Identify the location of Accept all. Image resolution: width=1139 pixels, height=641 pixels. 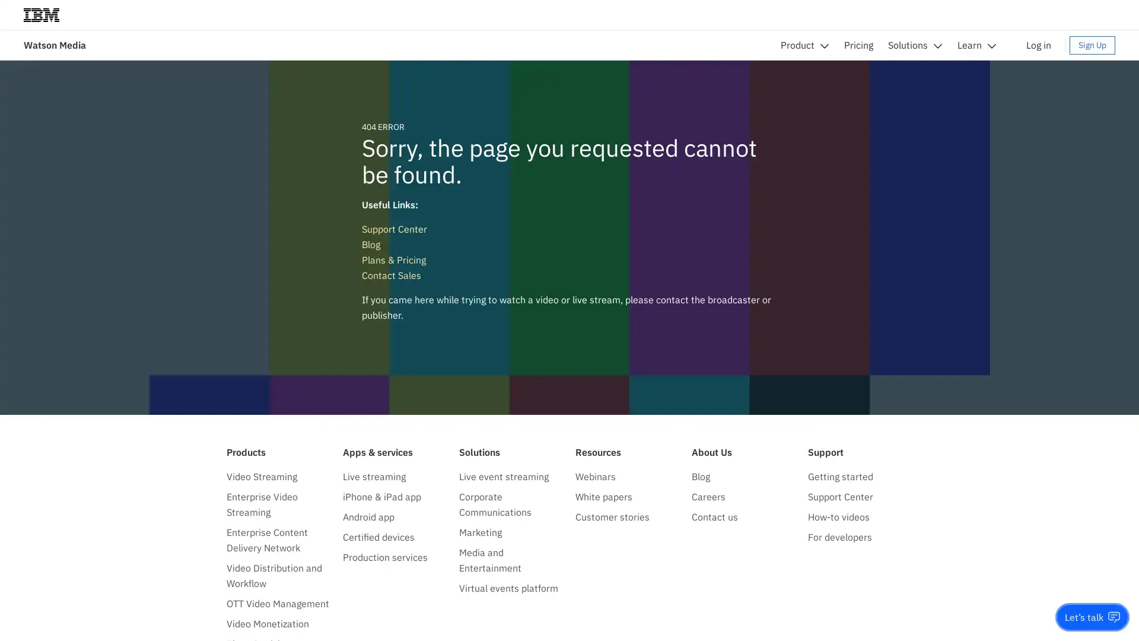
(1043, 559).